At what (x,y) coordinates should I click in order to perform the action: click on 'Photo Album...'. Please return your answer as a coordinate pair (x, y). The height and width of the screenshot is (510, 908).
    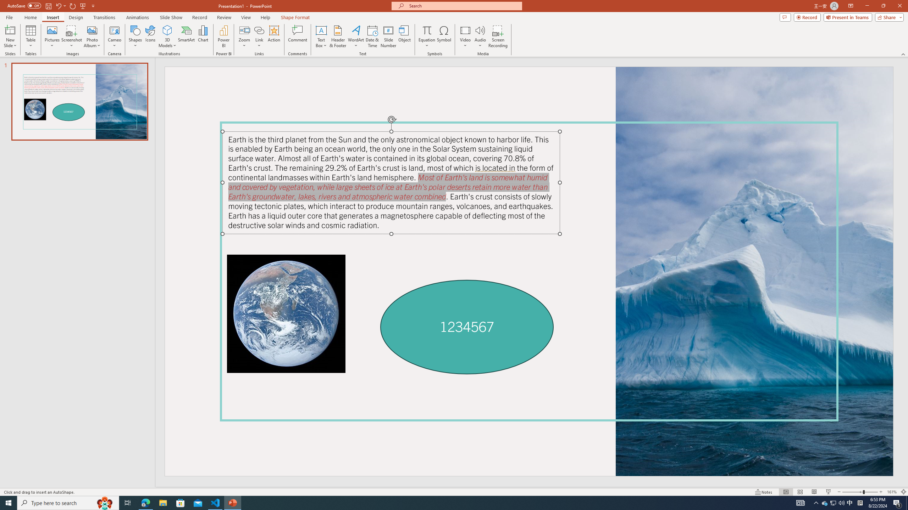
    Looking at the image, I should click on (92, 36).